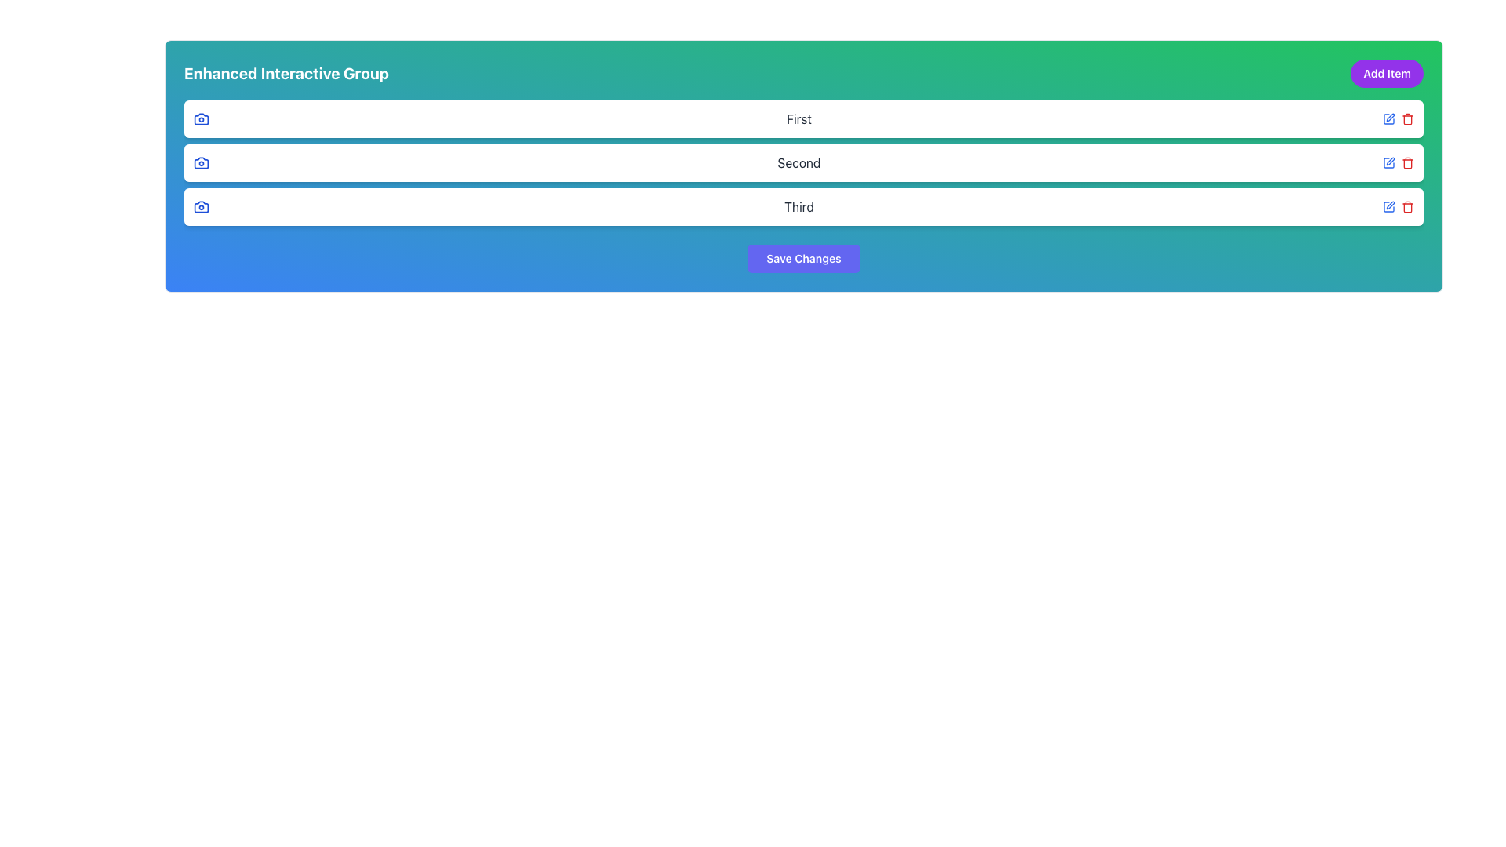 This screenshot has height=847, width=1506. Describe the element at coordinates (201, 118) in the screenshot. I see `the blue camera icon located in the first row labeled 'First', adjacent to the text 'First'` at that location.